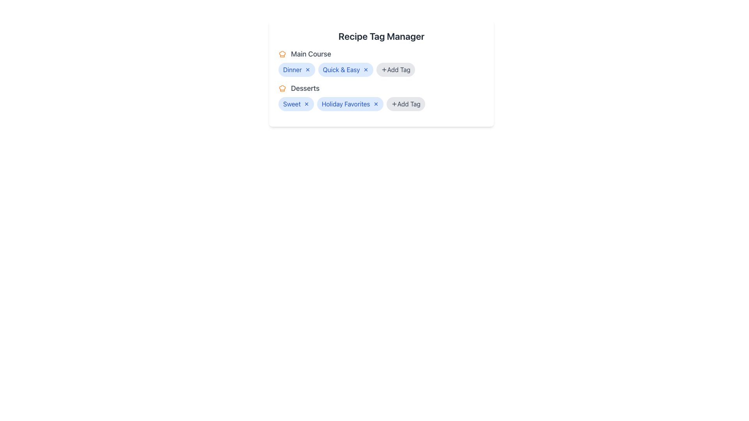 This screenshot has width=749, height=421. What do you see at coordinates (395, 69) in the screenshot?
I see `the '+ Add Tag' pill-shaped button with a gray background` at bounding box center [395, 69].